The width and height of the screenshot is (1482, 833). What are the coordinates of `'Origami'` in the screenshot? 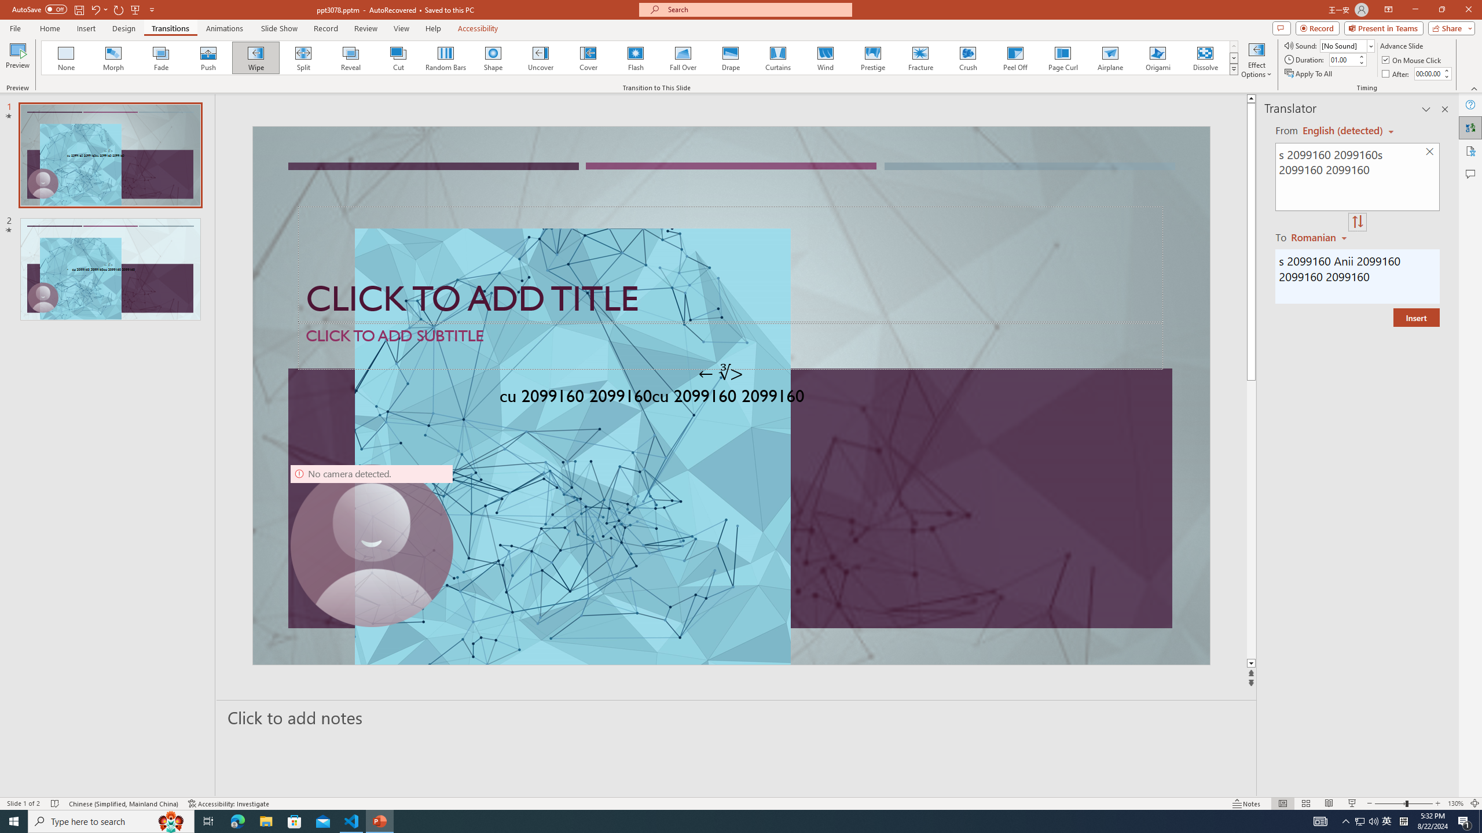 It's located at (1157, 57).